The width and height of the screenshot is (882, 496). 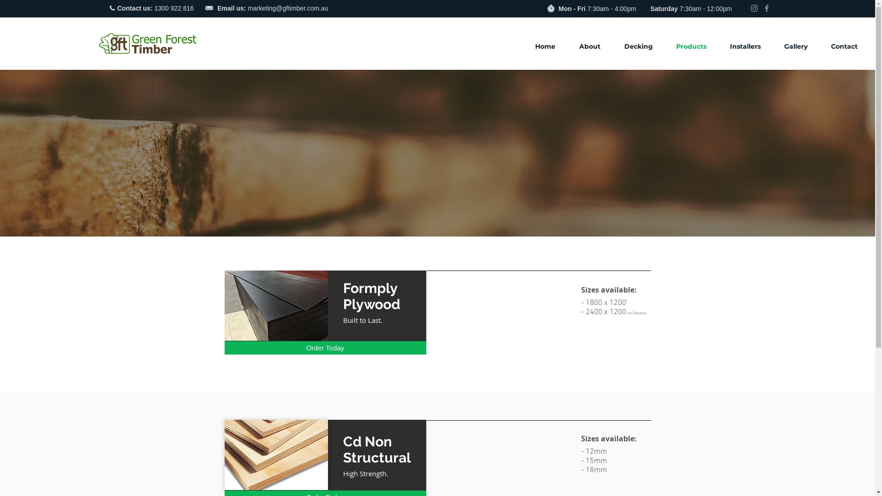 I want to click on 'Decking', so click(x=643, y=46).